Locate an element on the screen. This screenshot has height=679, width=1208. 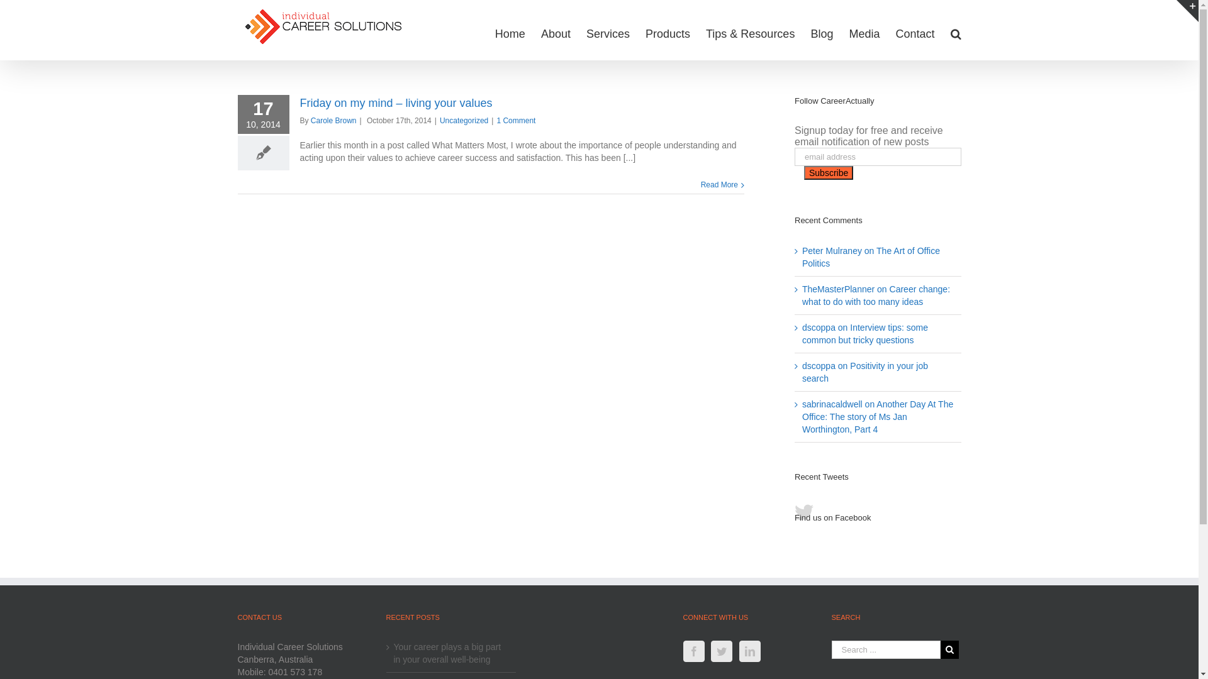
'Career change: what to do with too many ideas' is located at coordinates (875, 295).